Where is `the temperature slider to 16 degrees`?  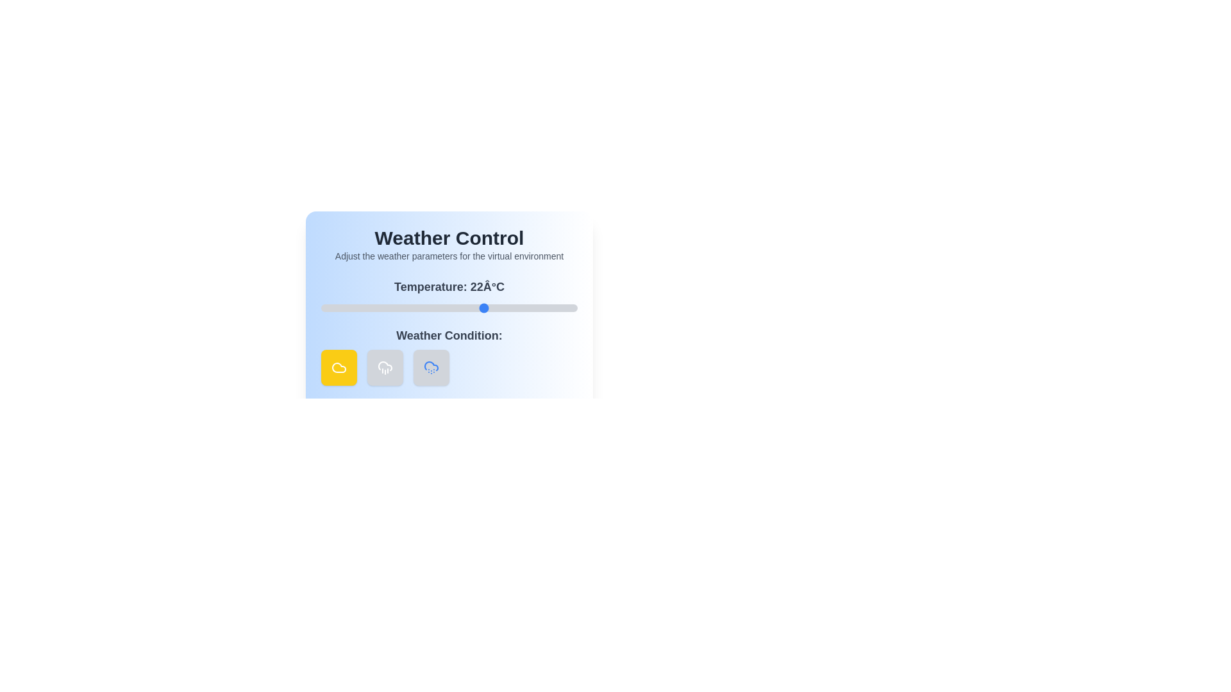
the temperature slider to 16 degrees is located at coordinates (455, 308).